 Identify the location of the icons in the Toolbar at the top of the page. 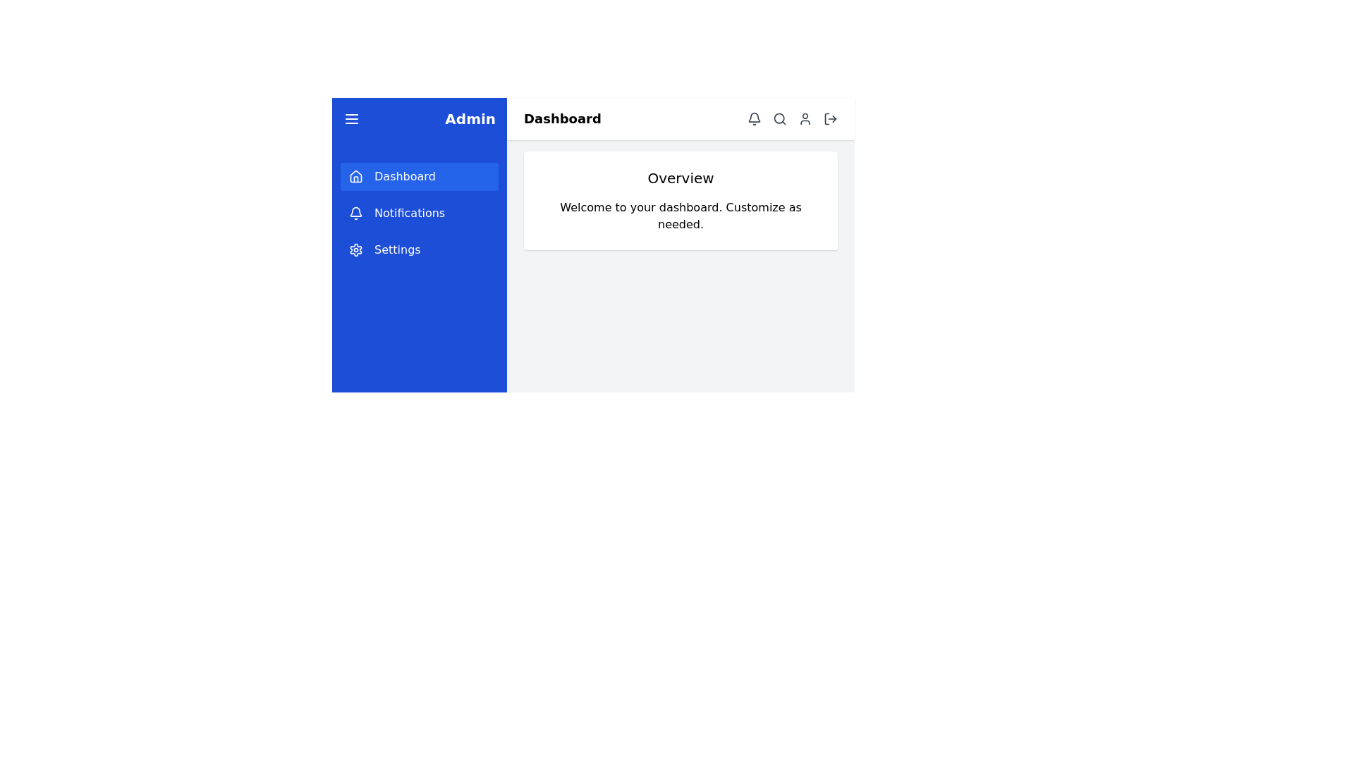
(681, 118).